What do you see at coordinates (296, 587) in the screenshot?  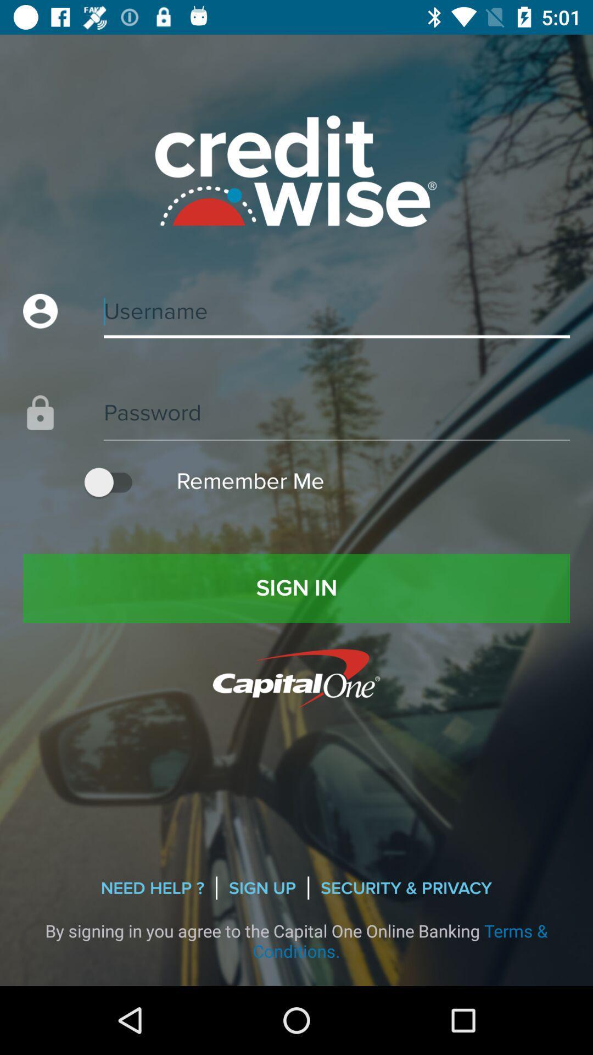 I see `sign in icon` at bounding box center [296, 587].